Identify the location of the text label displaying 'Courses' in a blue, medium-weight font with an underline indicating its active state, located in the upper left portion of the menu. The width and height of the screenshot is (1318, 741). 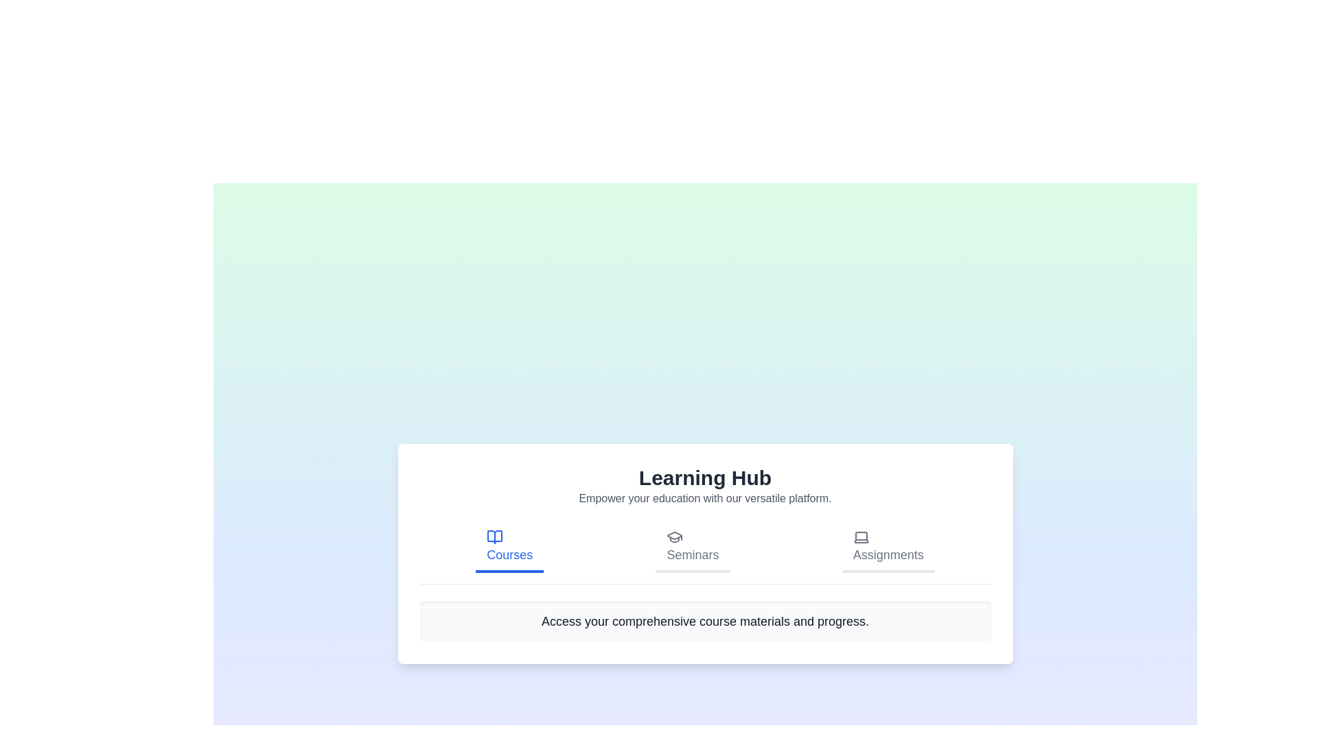
(509, 554).